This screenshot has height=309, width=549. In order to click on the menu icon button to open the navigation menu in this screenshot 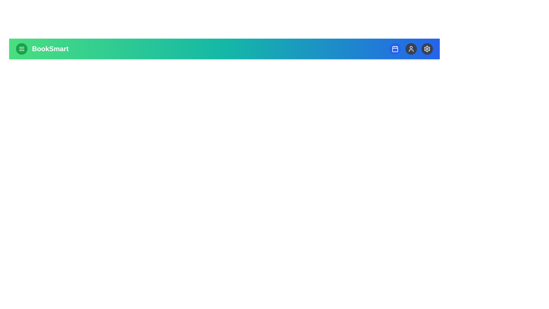, I will do `click(22, 48)`.